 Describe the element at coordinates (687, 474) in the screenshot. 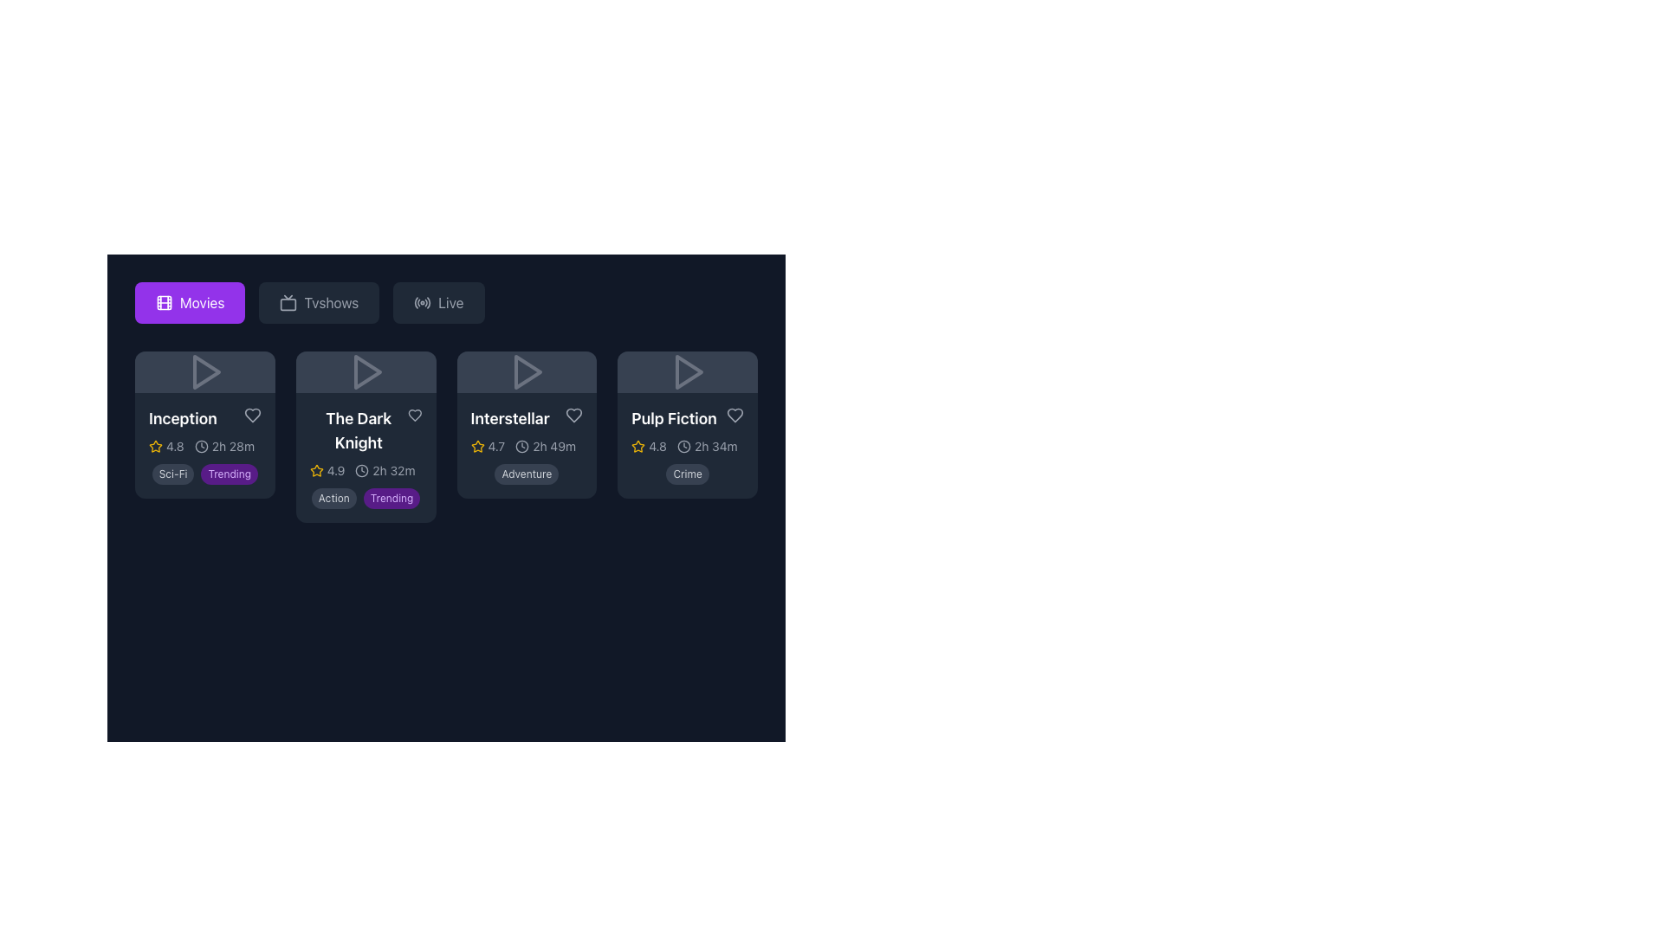

I see `'Crime' genre label located centrally within the movie card for 'Pulp Fiction', which is positioned below the rating and duration line` at that location.